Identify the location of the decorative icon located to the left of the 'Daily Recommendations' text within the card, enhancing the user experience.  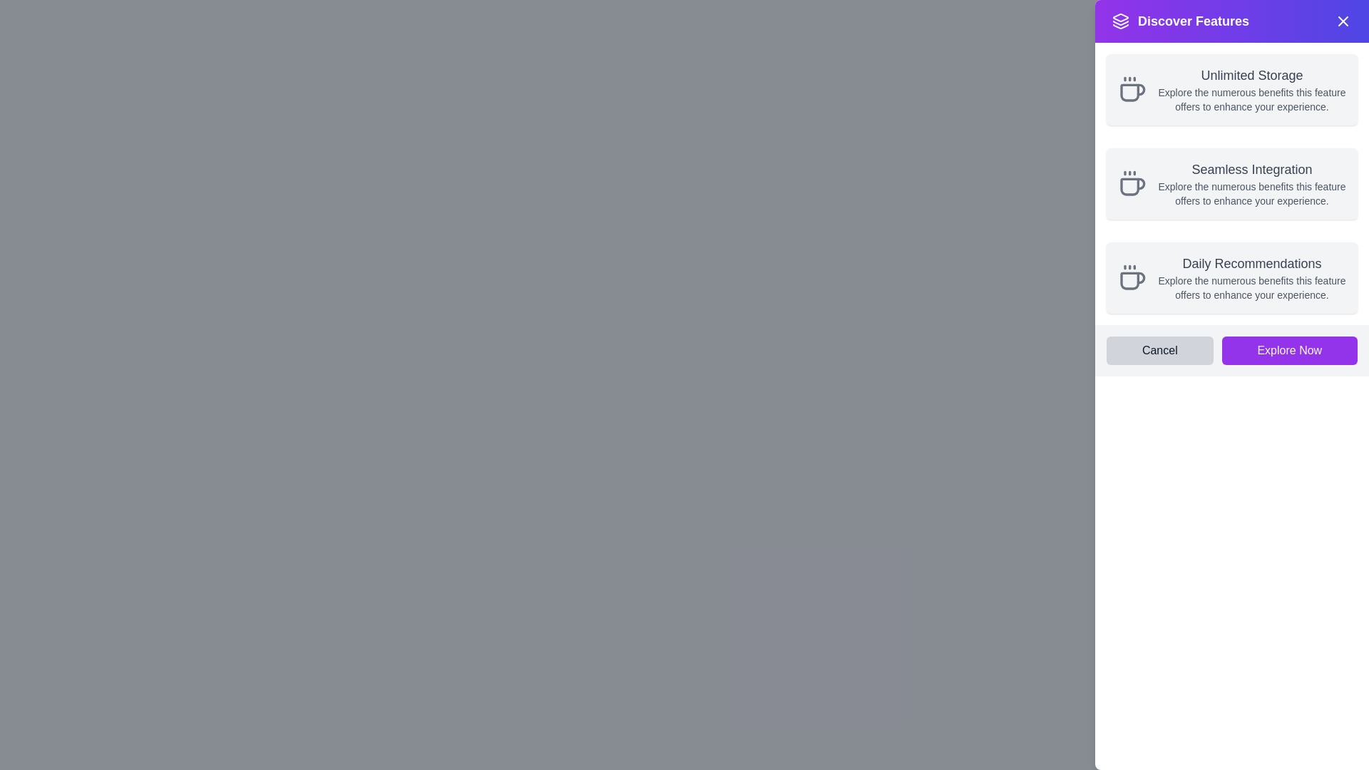
(1132, 277).